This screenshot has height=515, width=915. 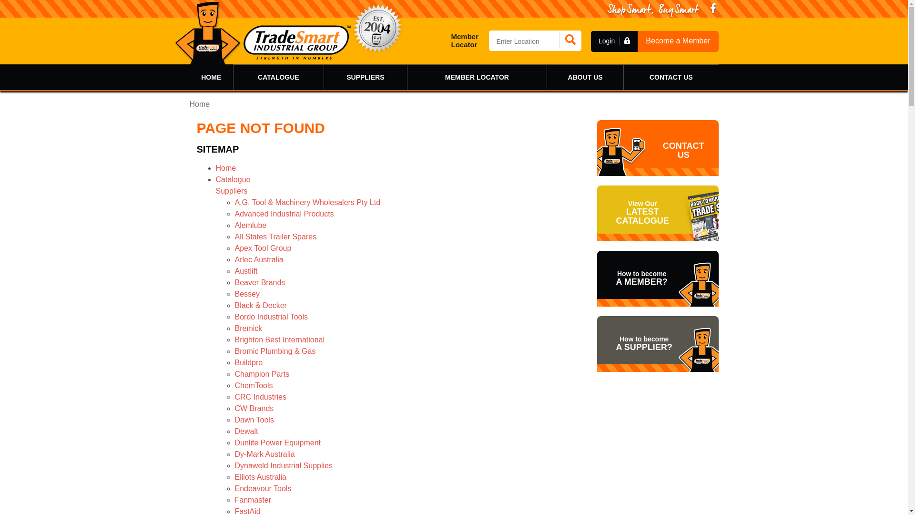 I want to click on 'Champion Parts', so click(x=262, y=373).